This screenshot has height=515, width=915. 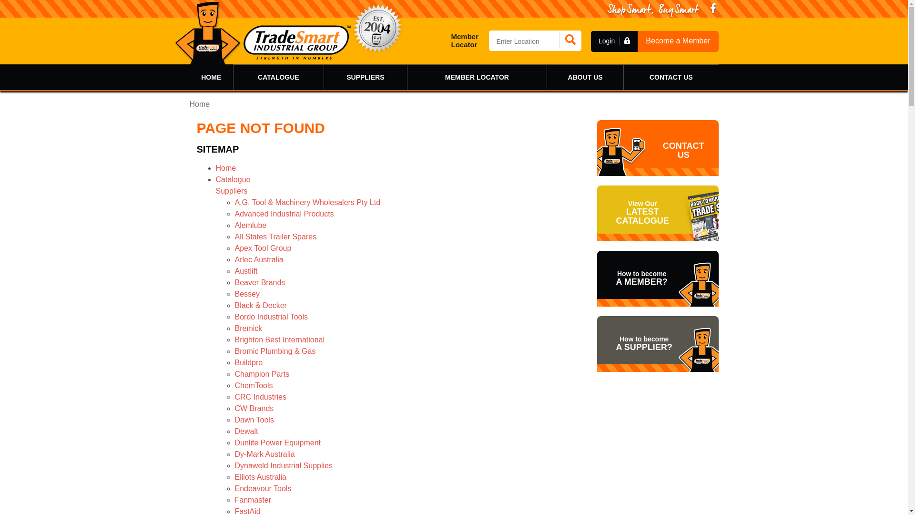 I want to click on 'Champion Parts', so click(x=262, y=373).